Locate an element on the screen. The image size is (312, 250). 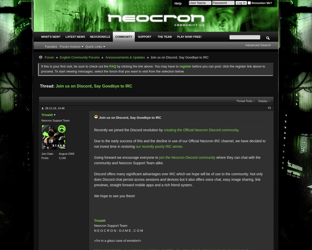
'WHAT'S NEW?' is located at coordinates (50, 37).